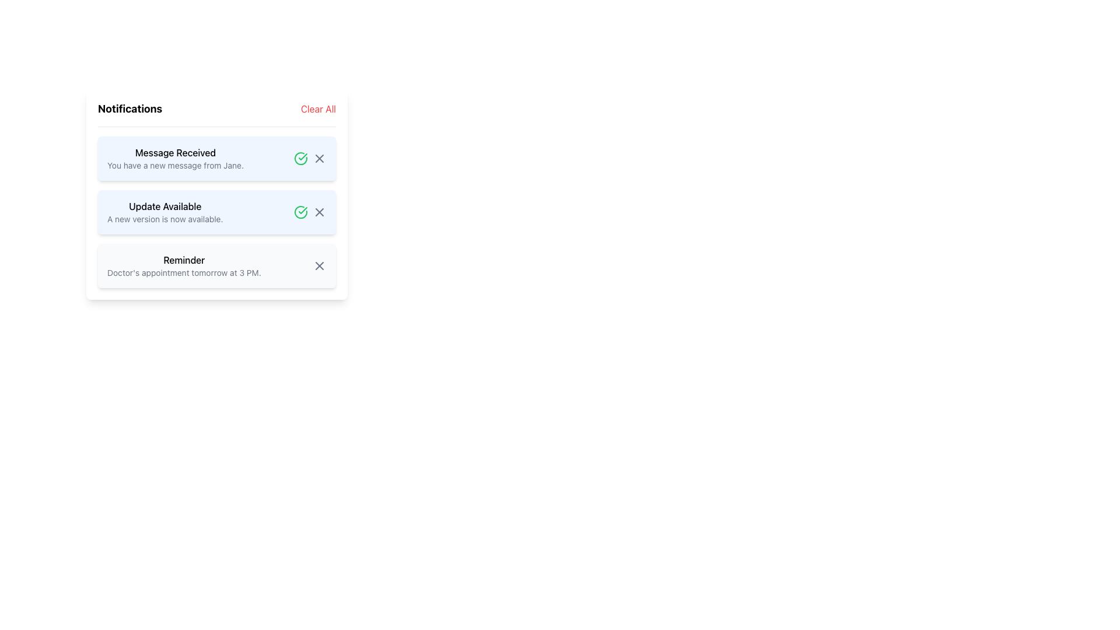 This screenshot has height=630, width=1120. What do you see at coordinates (164, 219) in the screenshot?
I see `the text string reading 'A new version is now available.' located within the notification card below the header 'Update Available'` at bounding box center [164, 219].